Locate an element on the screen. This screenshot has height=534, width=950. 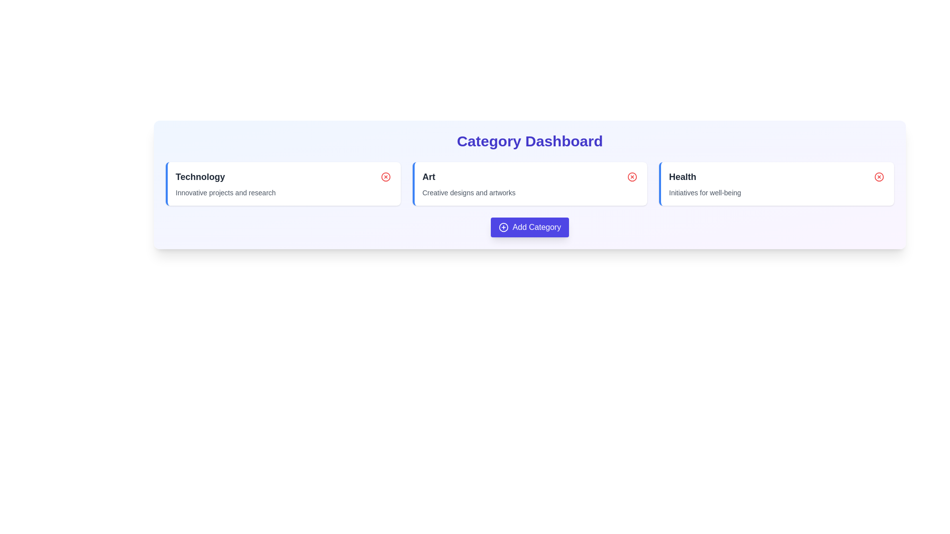
the 'Technology' text label located in the top-left section of the first card, which categorizes the card's content is located at coordinates (199, 177).